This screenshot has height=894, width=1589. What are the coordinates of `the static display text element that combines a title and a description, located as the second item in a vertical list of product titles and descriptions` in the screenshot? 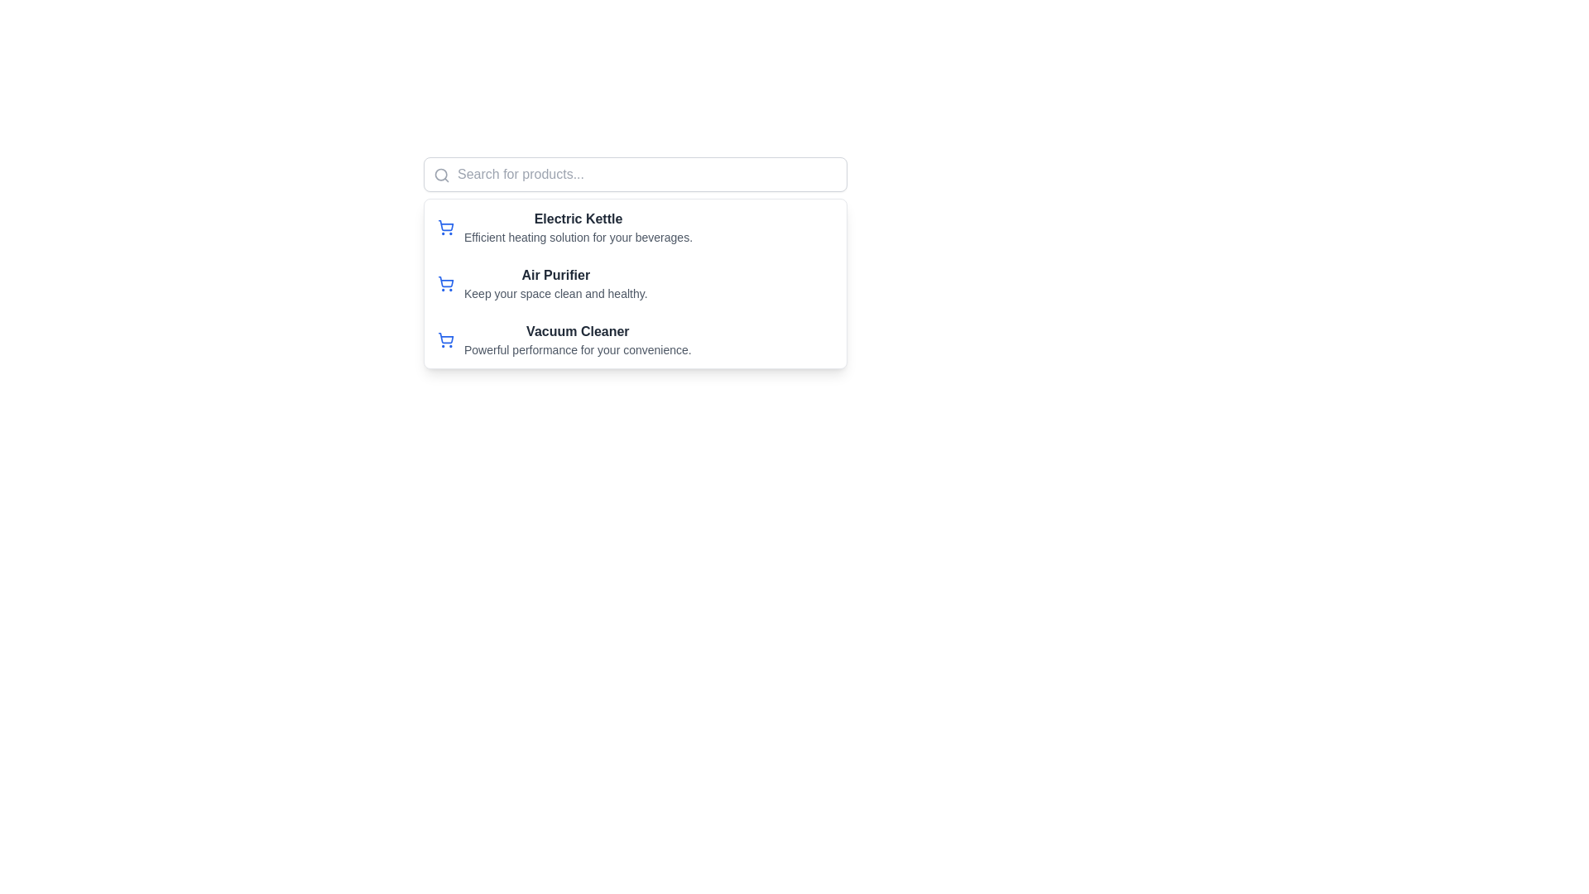 It's located at (555, 283).